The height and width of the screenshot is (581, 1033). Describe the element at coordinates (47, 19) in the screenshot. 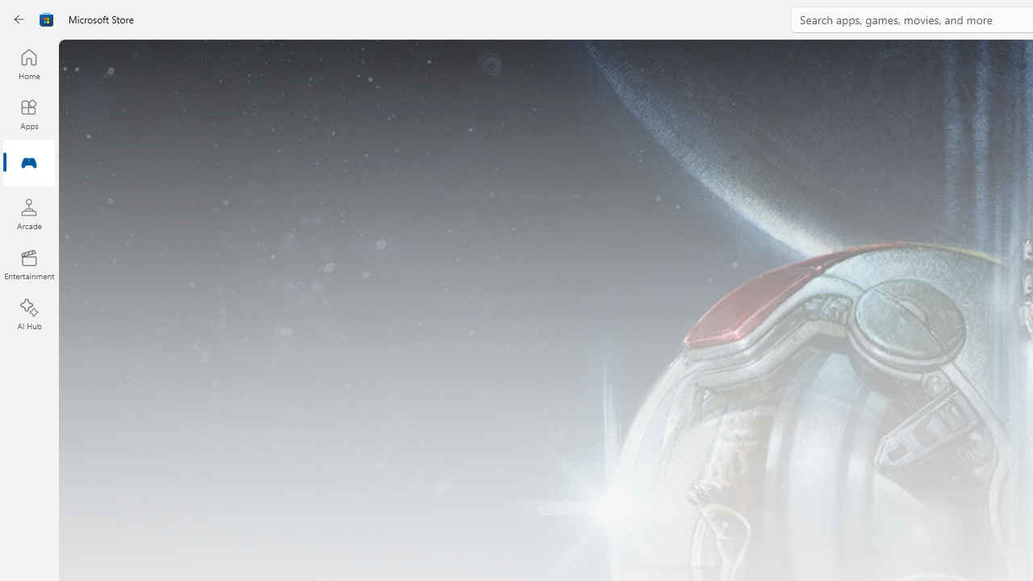

I see `'Class: Image'` at that location.